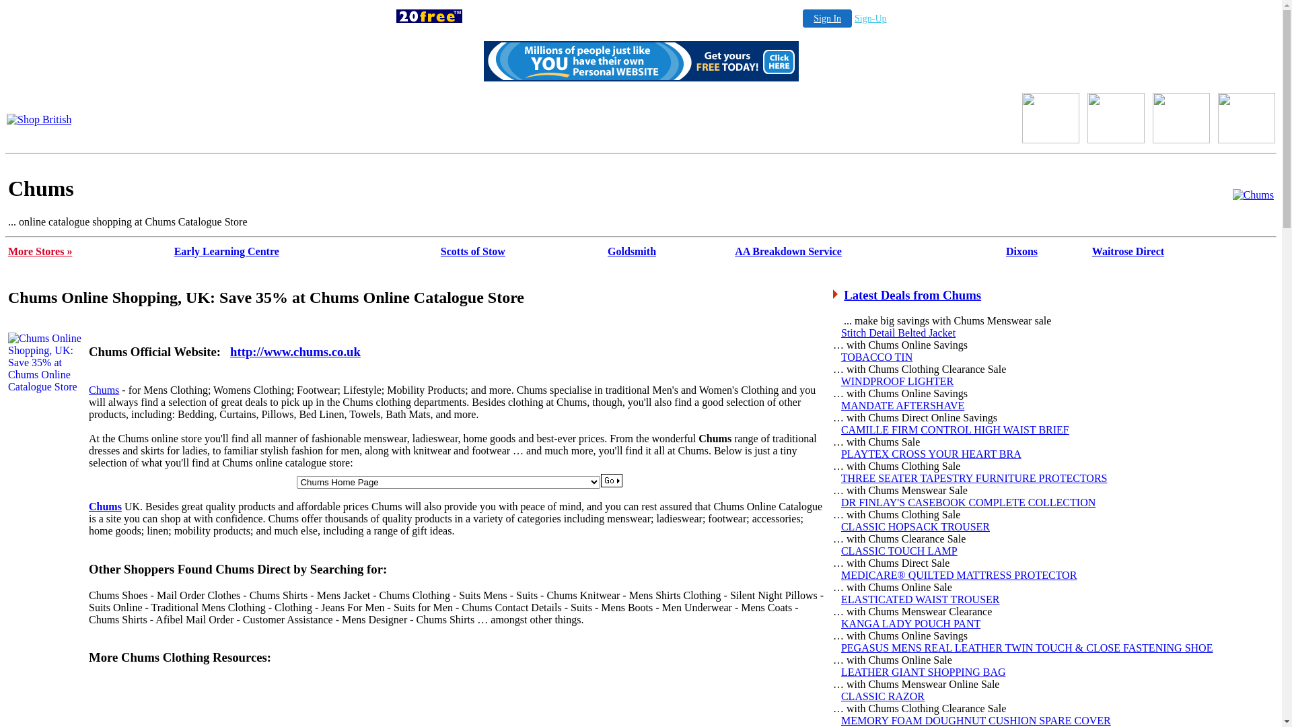 The image size is (1292, 727). Describe the element at coordinates (1252, 195) in the screenshot. I see `'Chums Catalogue'` at that location.